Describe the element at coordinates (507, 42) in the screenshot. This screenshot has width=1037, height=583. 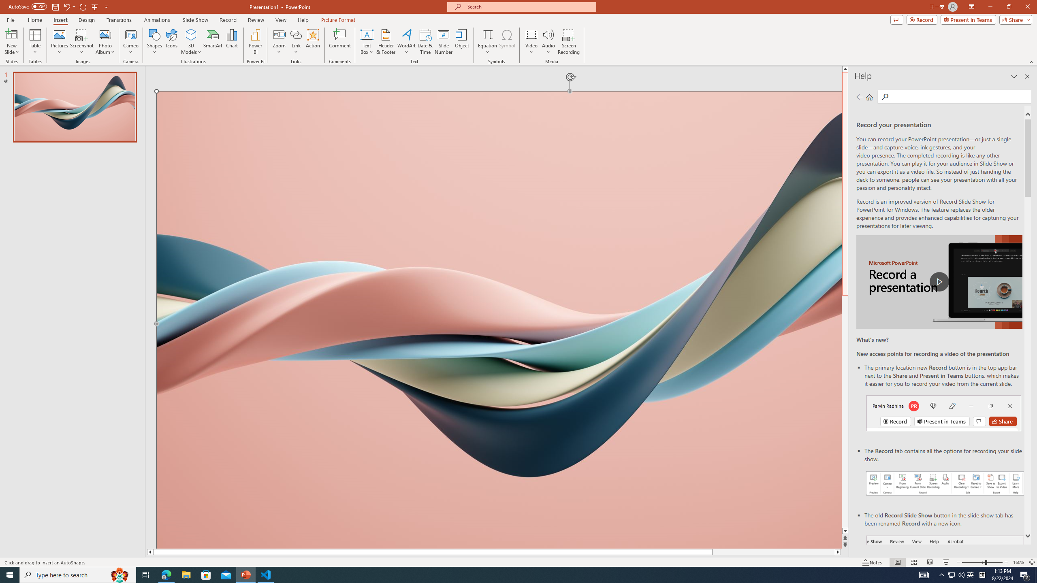
I see `'Symbol...'` at that location.